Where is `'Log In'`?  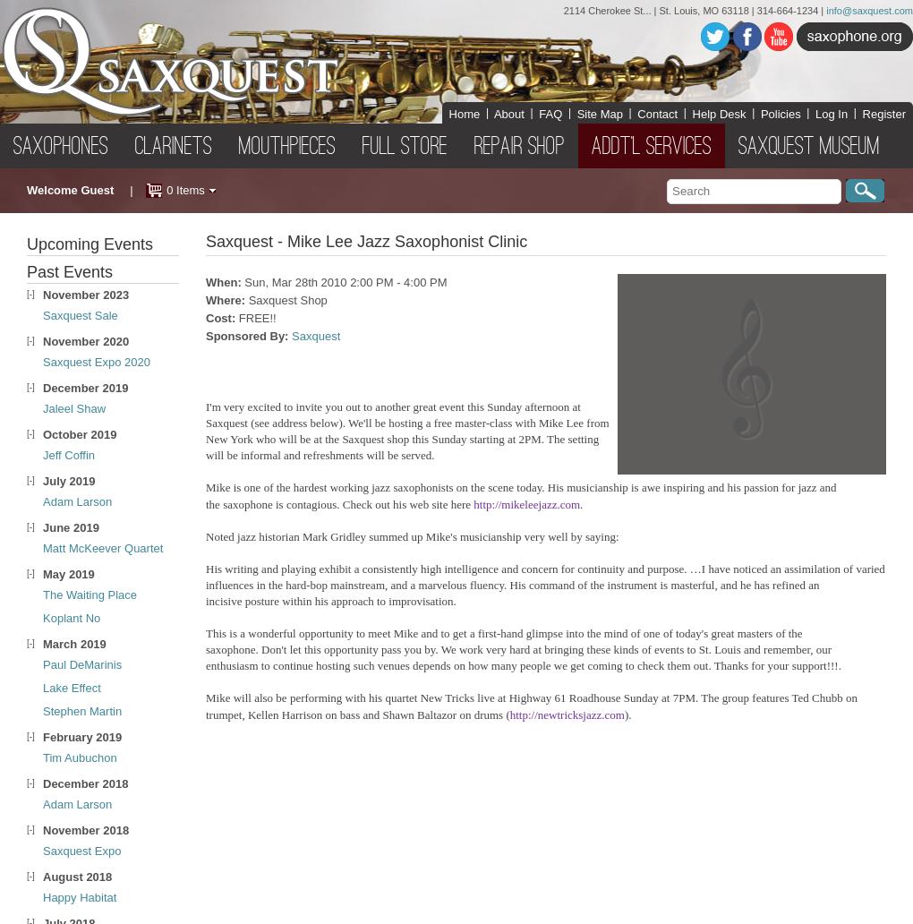
'Log In' is located at coordinates (832, 113).